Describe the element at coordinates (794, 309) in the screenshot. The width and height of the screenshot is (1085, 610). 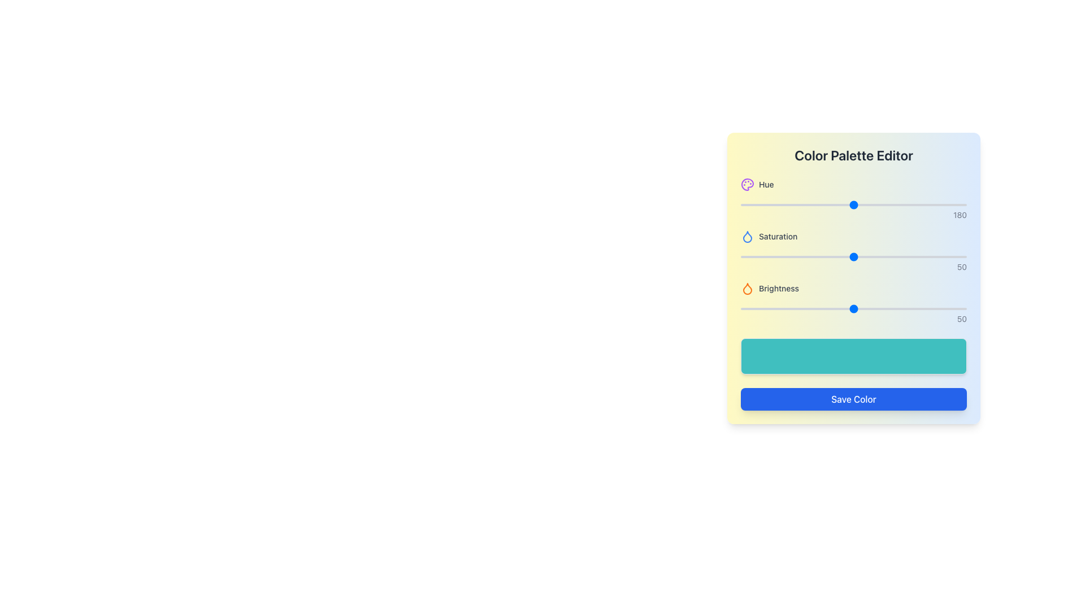
I see `the brightness` at that location.